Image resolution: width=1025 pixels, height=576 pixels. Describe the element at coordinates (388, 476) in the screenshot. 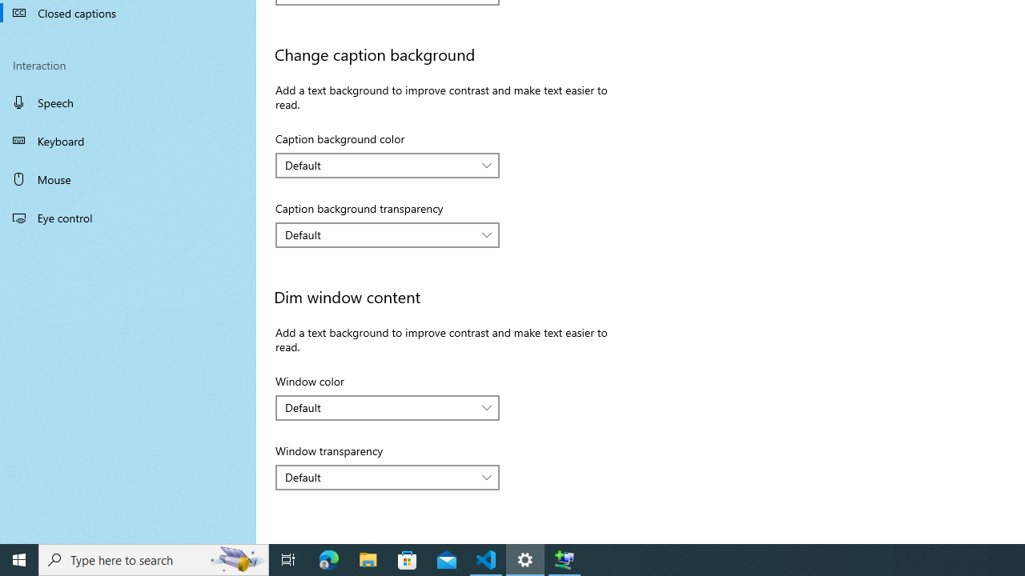

I see `'Window transparency'` at that location.